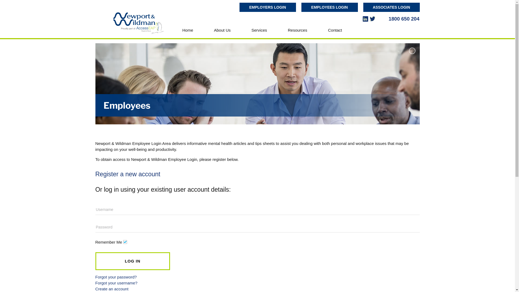  I want to click on 'EMPLOYERS LOGIN', so click(239, 7).